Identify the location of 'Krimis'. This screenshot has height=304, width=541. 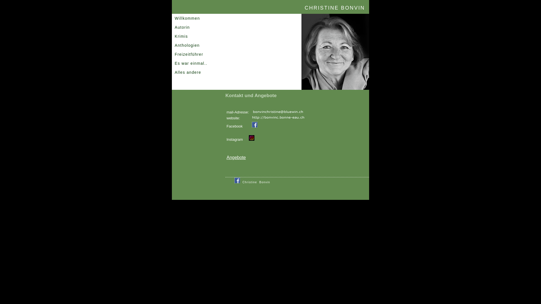
(197, 36).